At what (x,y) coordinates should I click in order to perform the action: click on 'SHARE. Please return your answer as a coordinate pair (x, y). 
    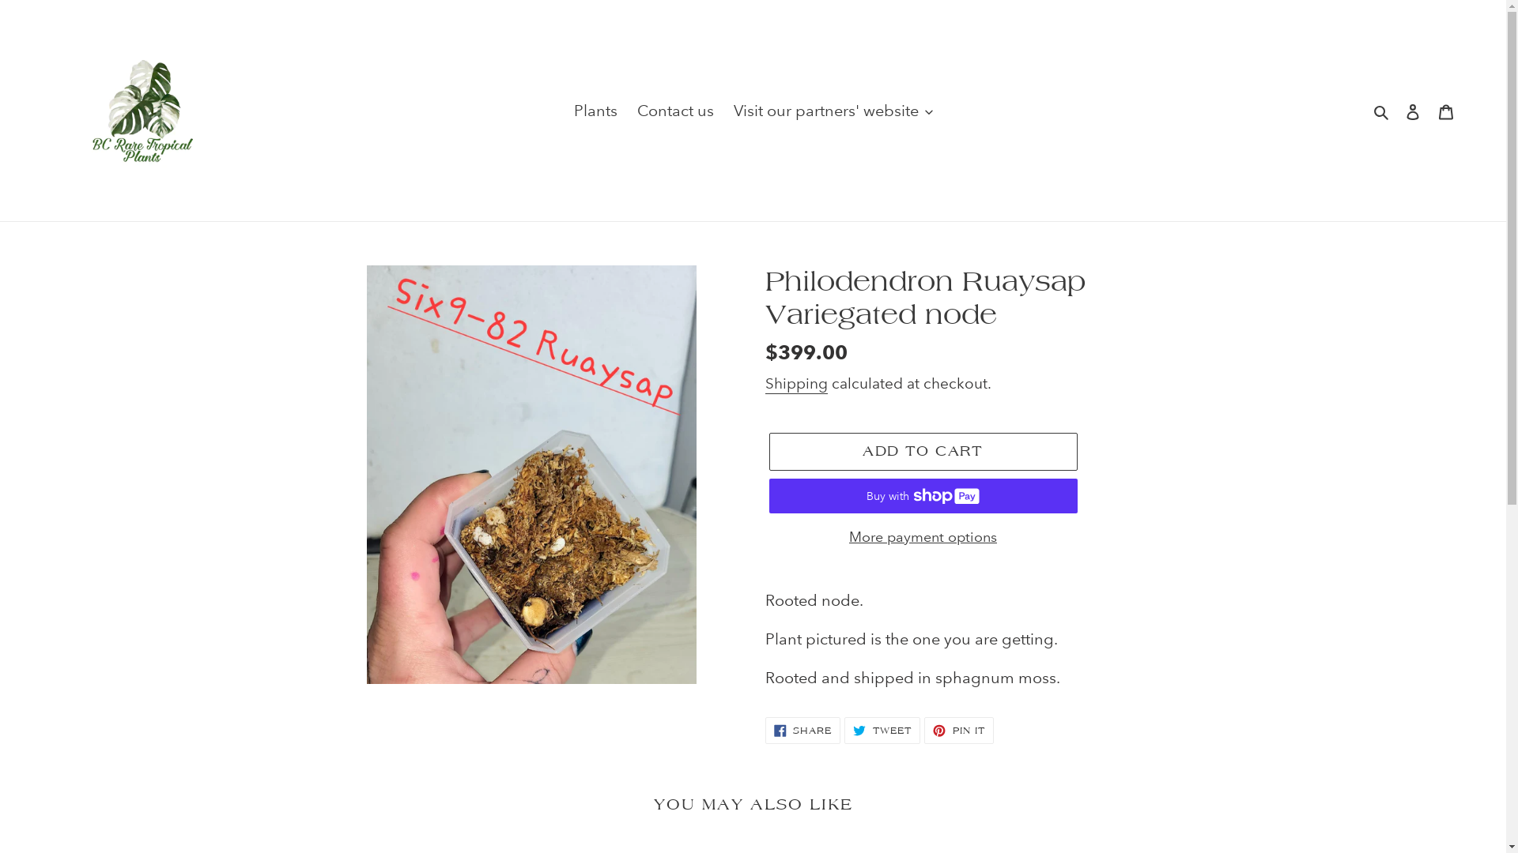
    Looking at the image, I should click on (803, 731).